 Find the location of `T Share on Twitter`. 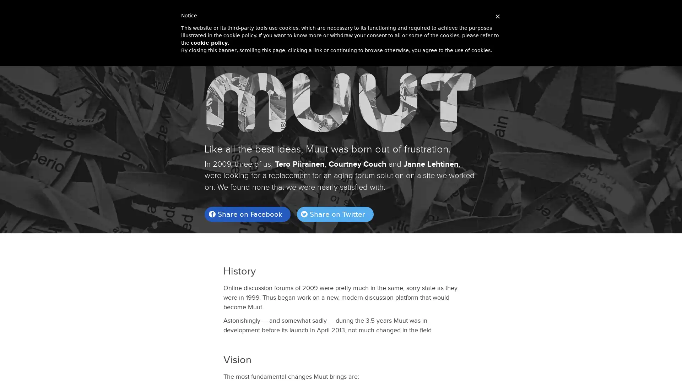

T Share on Twitter is located at coordinates (334, 213).